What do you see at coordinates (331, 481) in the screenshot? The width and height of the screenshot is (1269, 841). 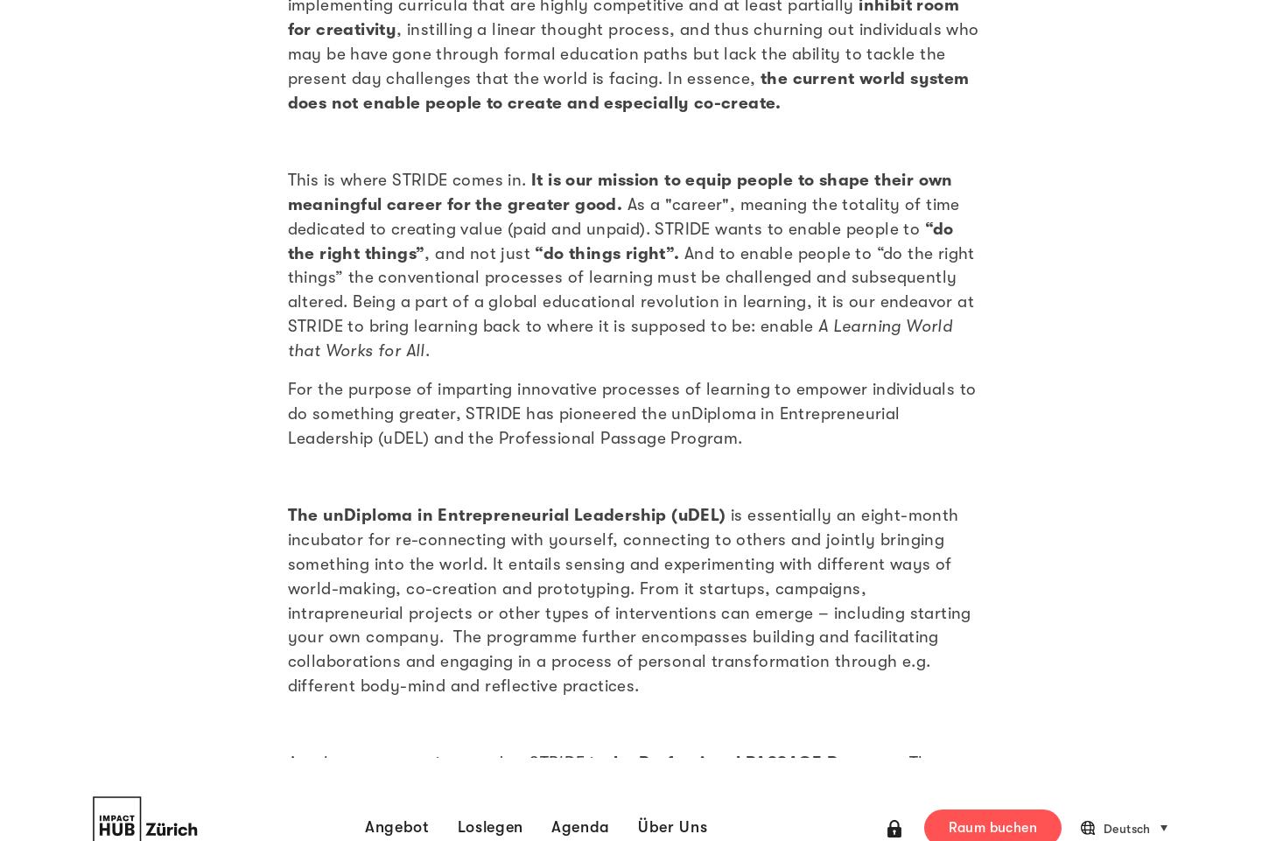 I see `'Werde Teil unserer Community'` at bounding box center [331, 481].